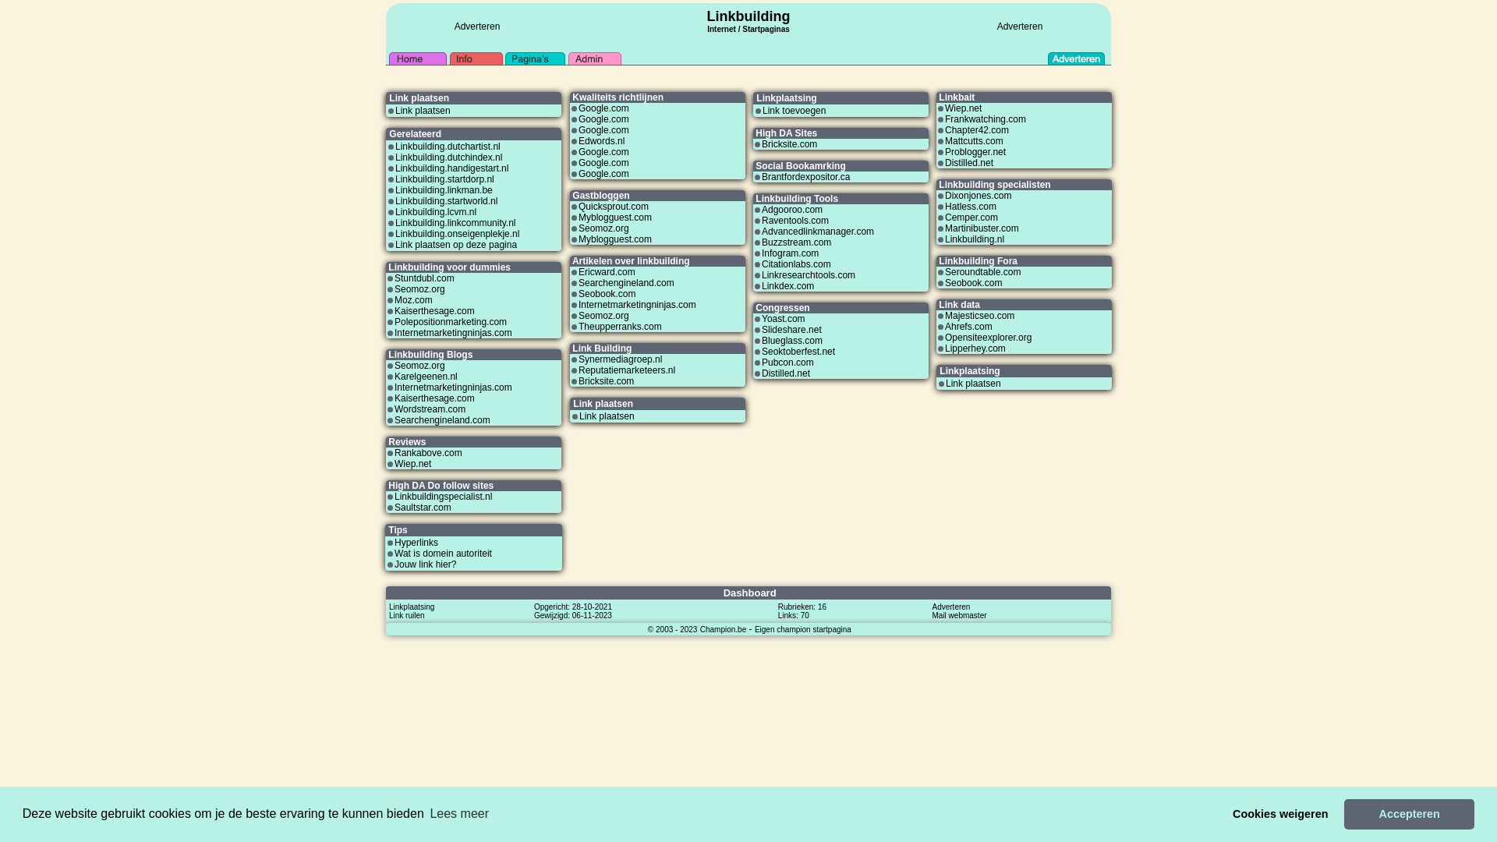  I want to click on 'Citationlabs.com', so click(796, 264).